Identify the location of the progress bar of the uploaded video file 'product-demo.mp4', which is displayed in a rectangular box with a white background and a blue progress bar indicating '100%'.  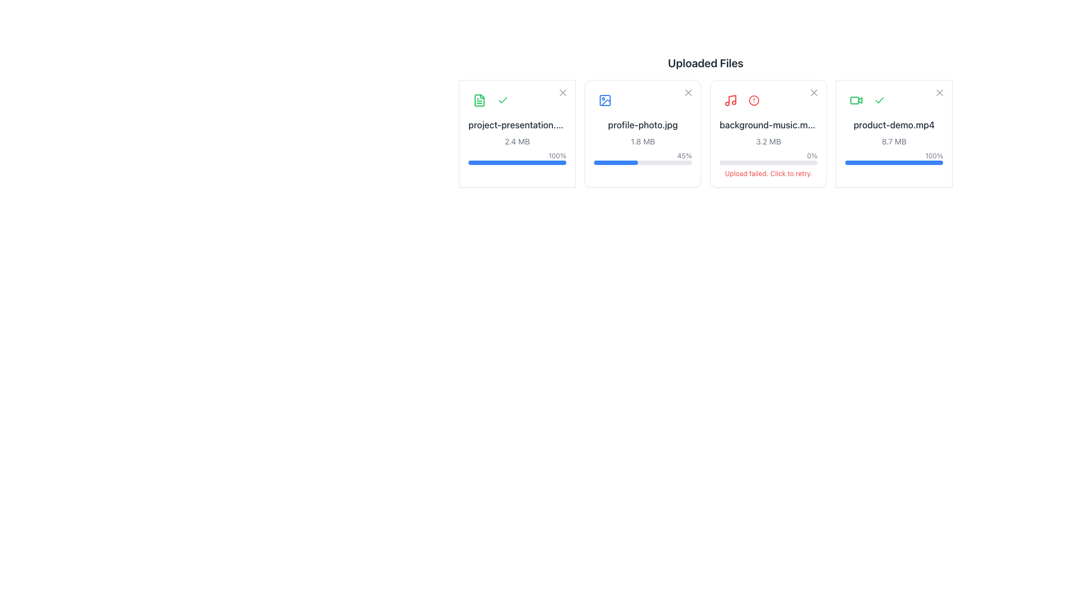
(894, 133).